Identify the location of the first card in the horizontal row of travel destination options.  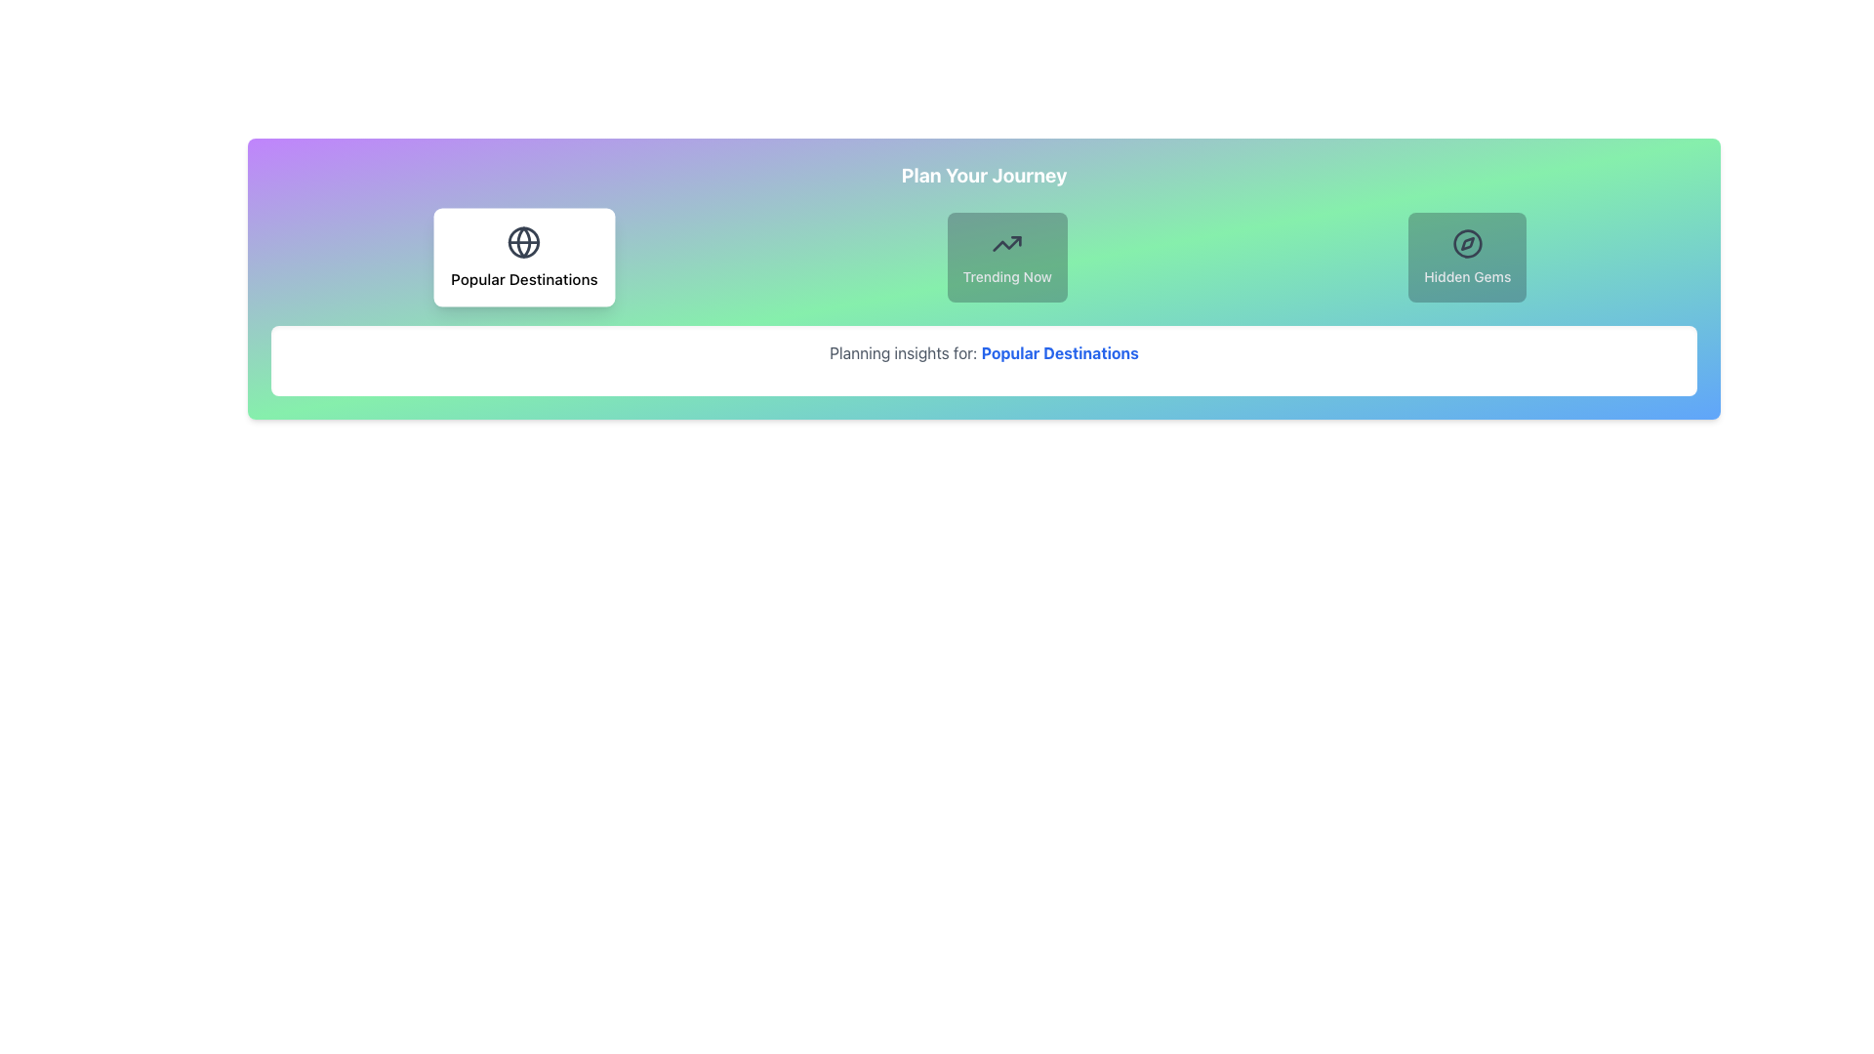
(524, 256).